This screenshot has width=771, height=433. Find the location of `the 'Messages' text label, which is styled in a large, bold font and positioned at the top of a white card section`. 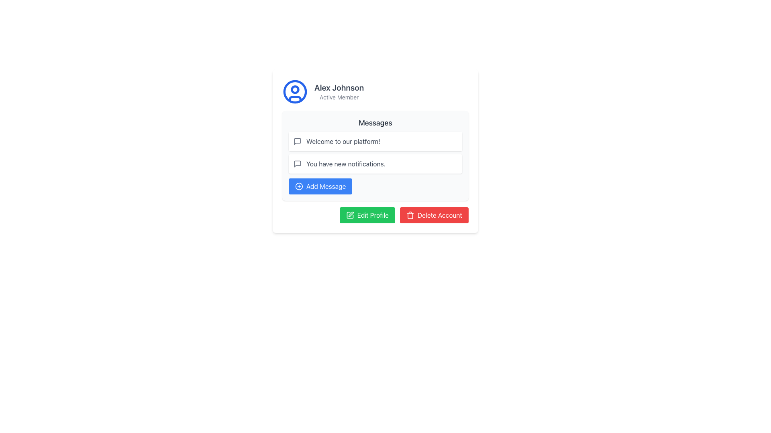

the 'Messages' text label, which is styled in a large, bold font and positioned at the top of a white card section is located at coordinates (375, 123).